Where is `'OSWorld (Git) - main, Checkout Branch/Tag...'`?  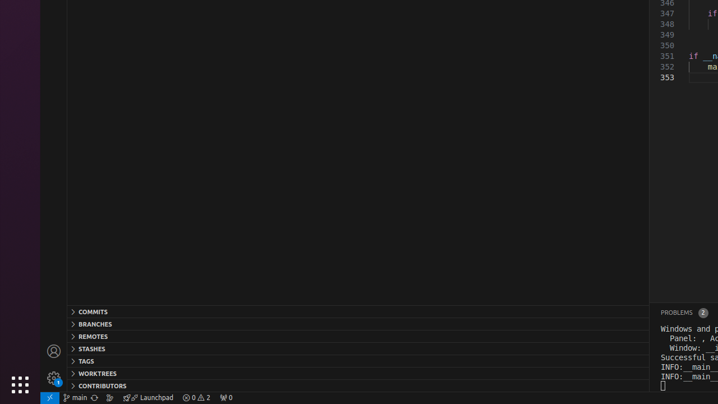 'OSWorld (Git) - main, Checkout Branch/Tag...' is located at coordinates (75, 397).